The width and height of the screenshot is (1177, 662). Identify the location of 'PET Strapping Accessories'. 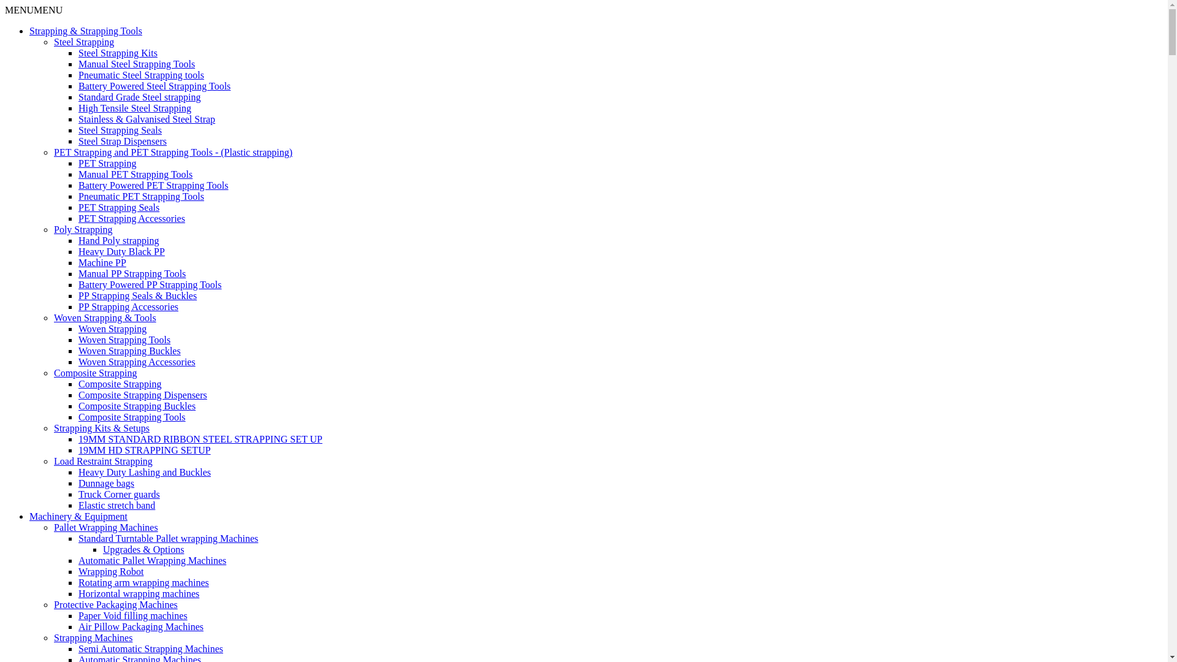
(132, 218).